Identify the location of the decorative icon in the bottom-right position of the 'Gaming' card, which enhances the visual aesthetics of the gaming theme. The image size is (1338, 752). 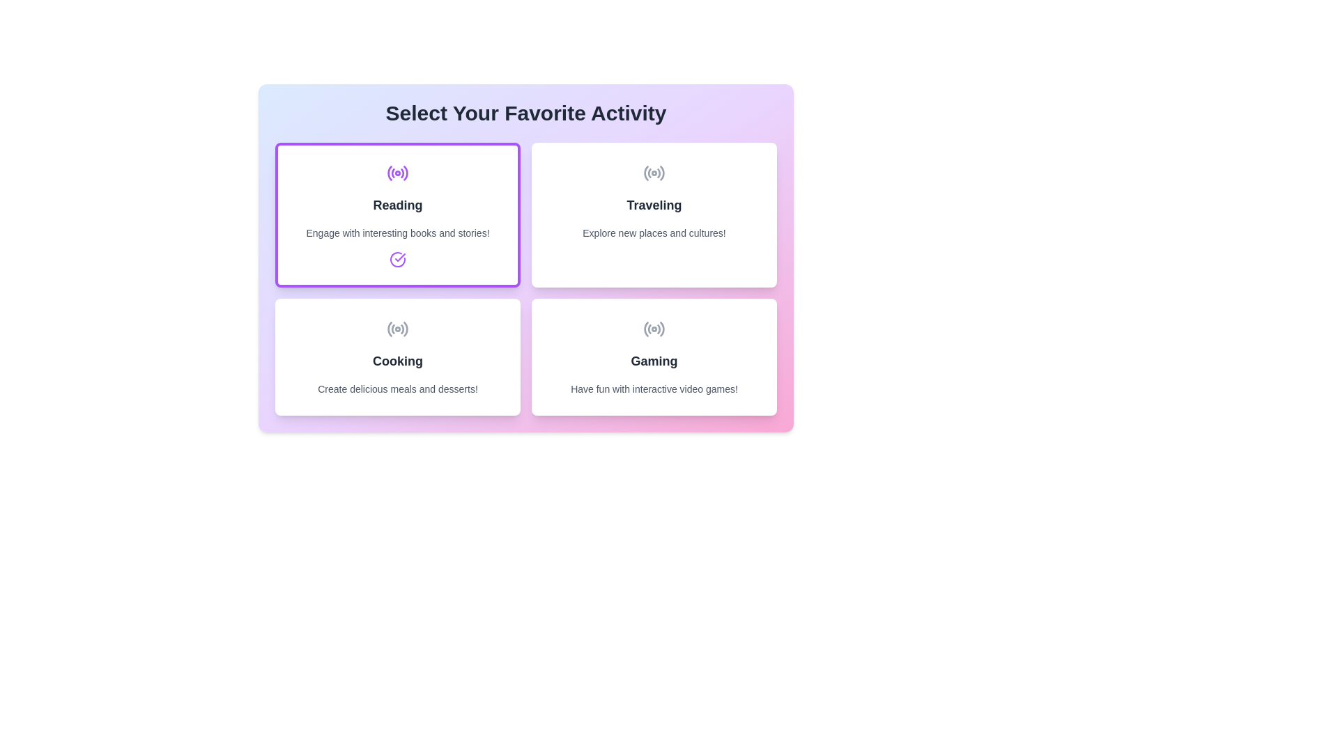
(654, 329).